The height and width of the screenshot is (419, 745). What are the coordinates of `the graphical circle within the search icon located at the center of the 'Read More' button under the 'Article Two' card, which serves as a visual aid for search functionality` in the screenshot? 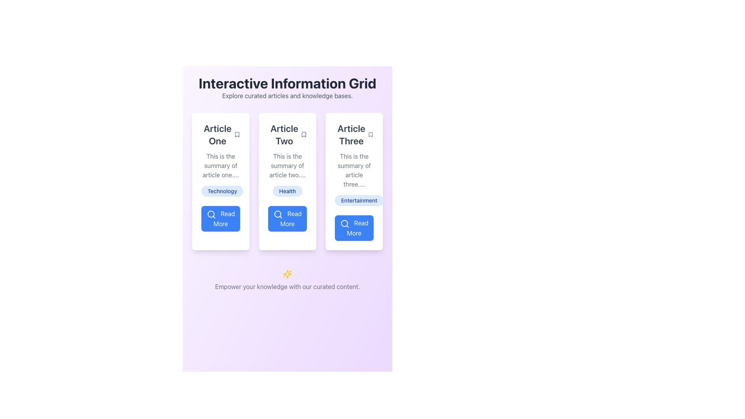 It's located at (277, 214).